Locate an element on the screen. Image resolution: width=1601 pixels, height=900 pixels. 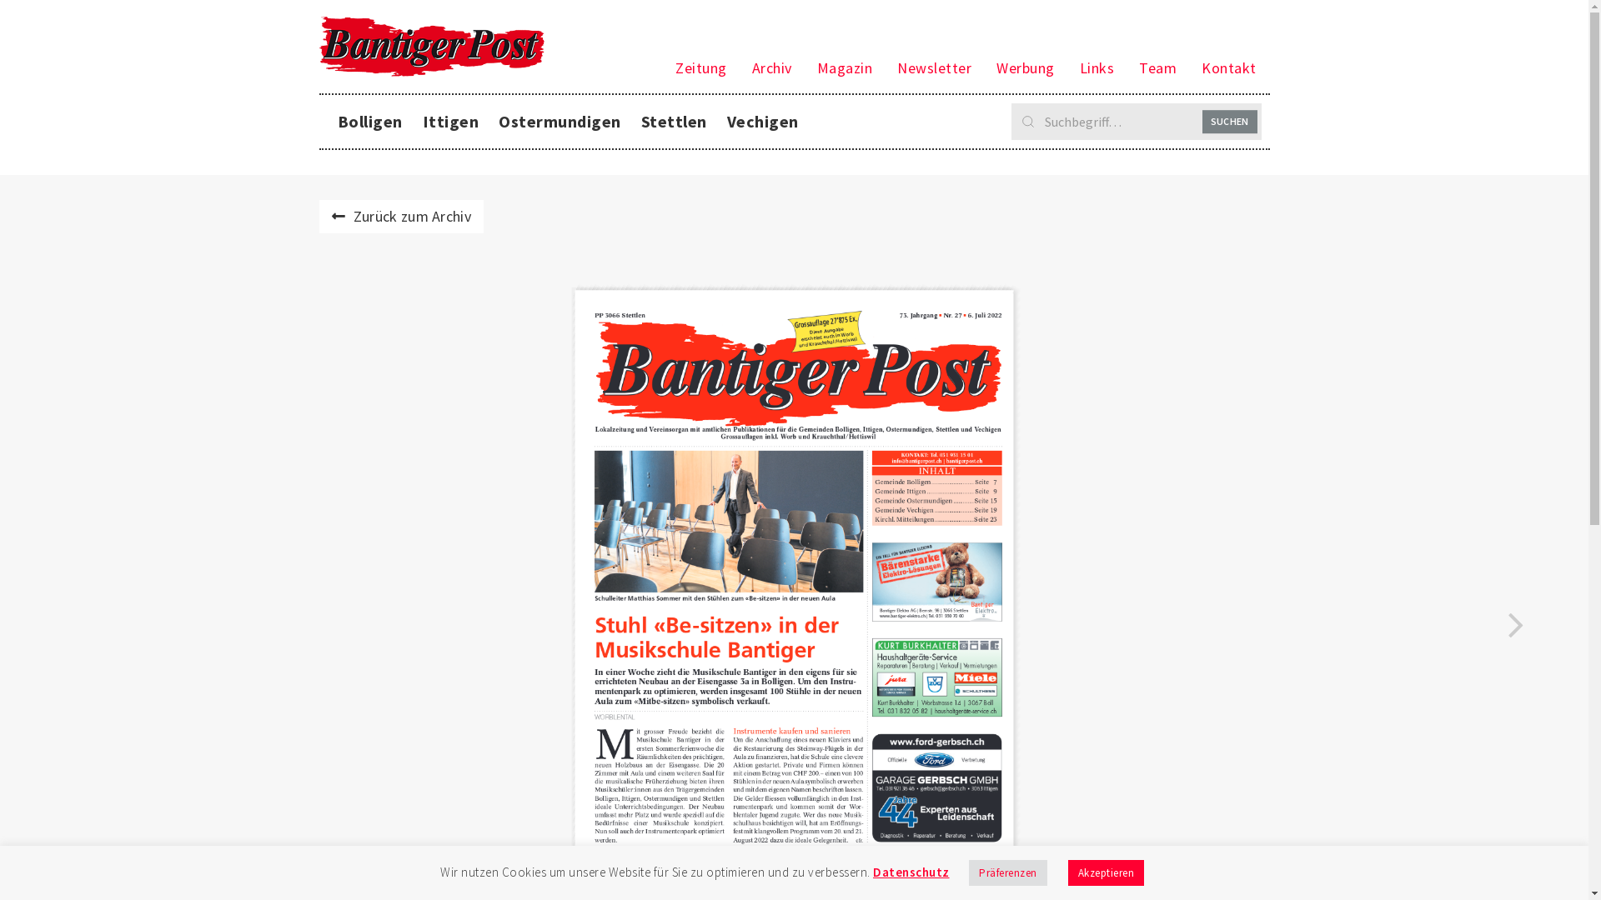
'SUCHEN' is located at coordinates (1229, 121).